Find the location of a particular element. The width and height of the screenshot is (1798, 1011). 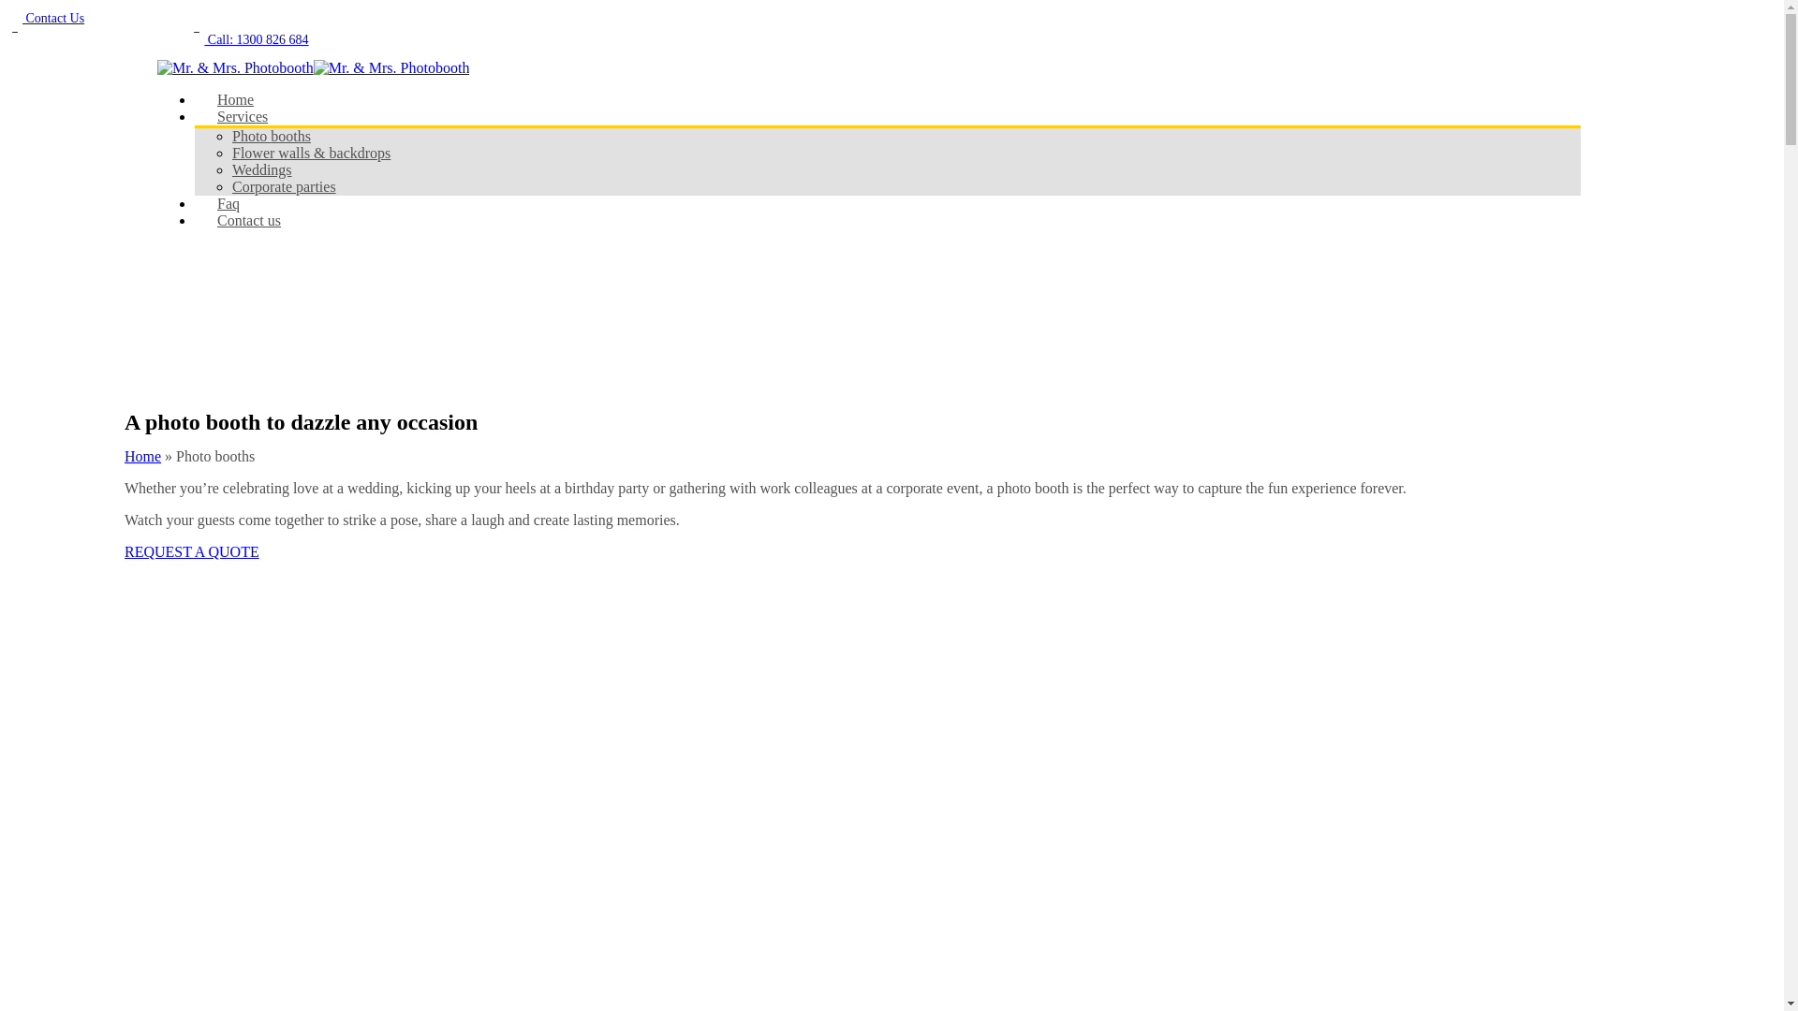

'Home' is located at coordinates (234, 99).